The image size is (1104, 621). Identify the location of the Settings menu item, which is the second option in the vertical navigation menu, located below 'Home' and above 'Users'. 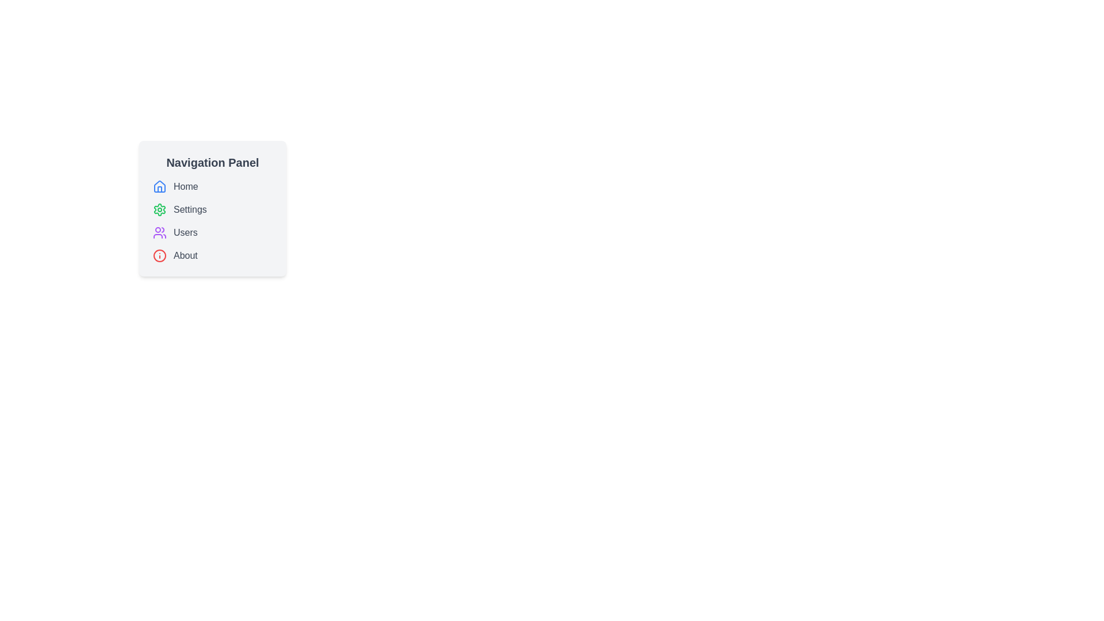
(212, 210).